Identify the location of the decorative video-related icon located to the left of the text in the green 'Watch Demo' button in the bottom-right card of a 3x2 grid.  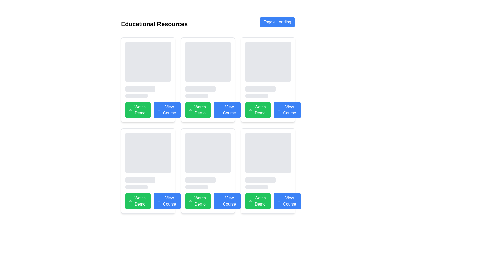
(250, 201).